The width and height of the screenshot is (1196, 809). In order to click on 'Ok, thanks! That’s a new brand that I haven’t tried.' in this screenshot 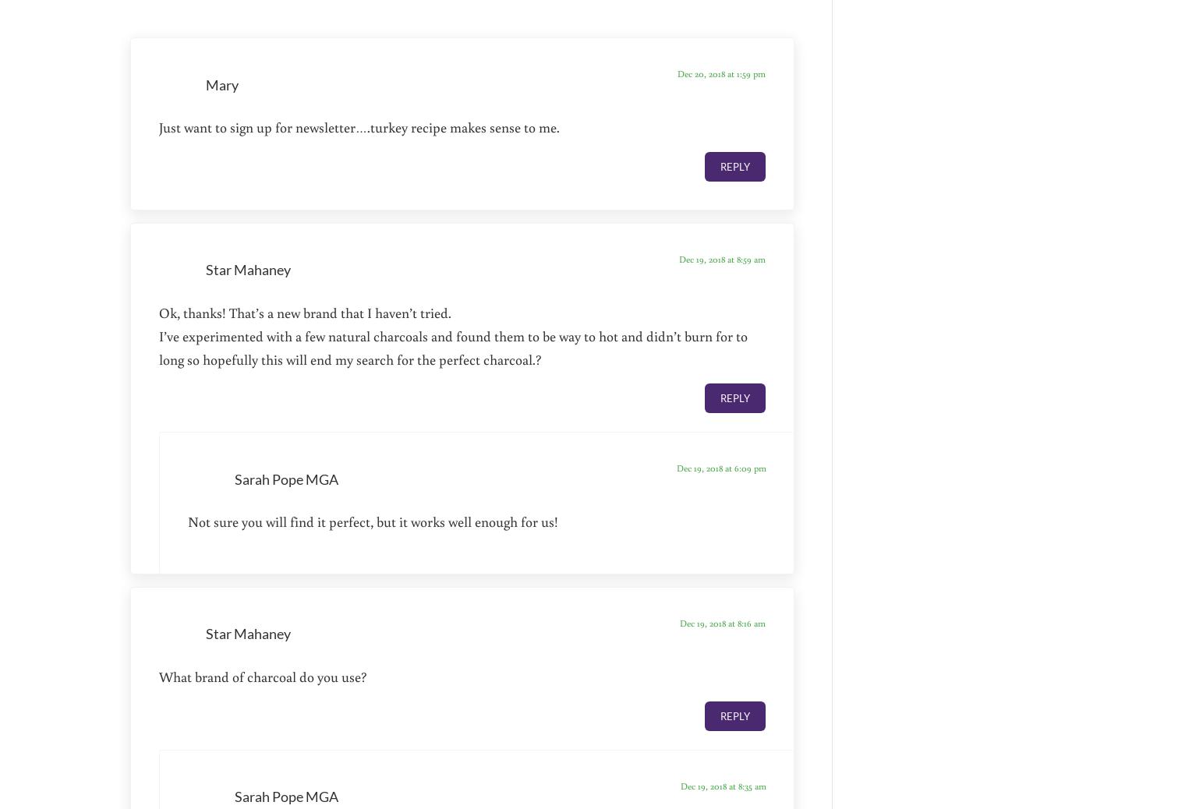, I will do `click(304, 312)`.